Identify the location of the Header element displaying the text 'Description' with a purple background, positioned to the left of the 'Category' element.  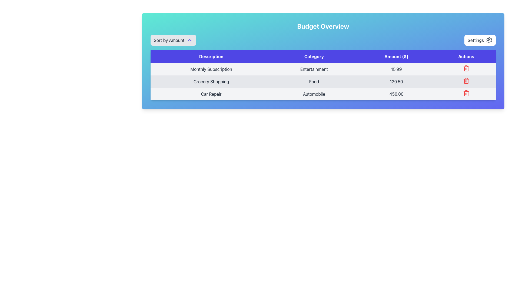
(211, 56).